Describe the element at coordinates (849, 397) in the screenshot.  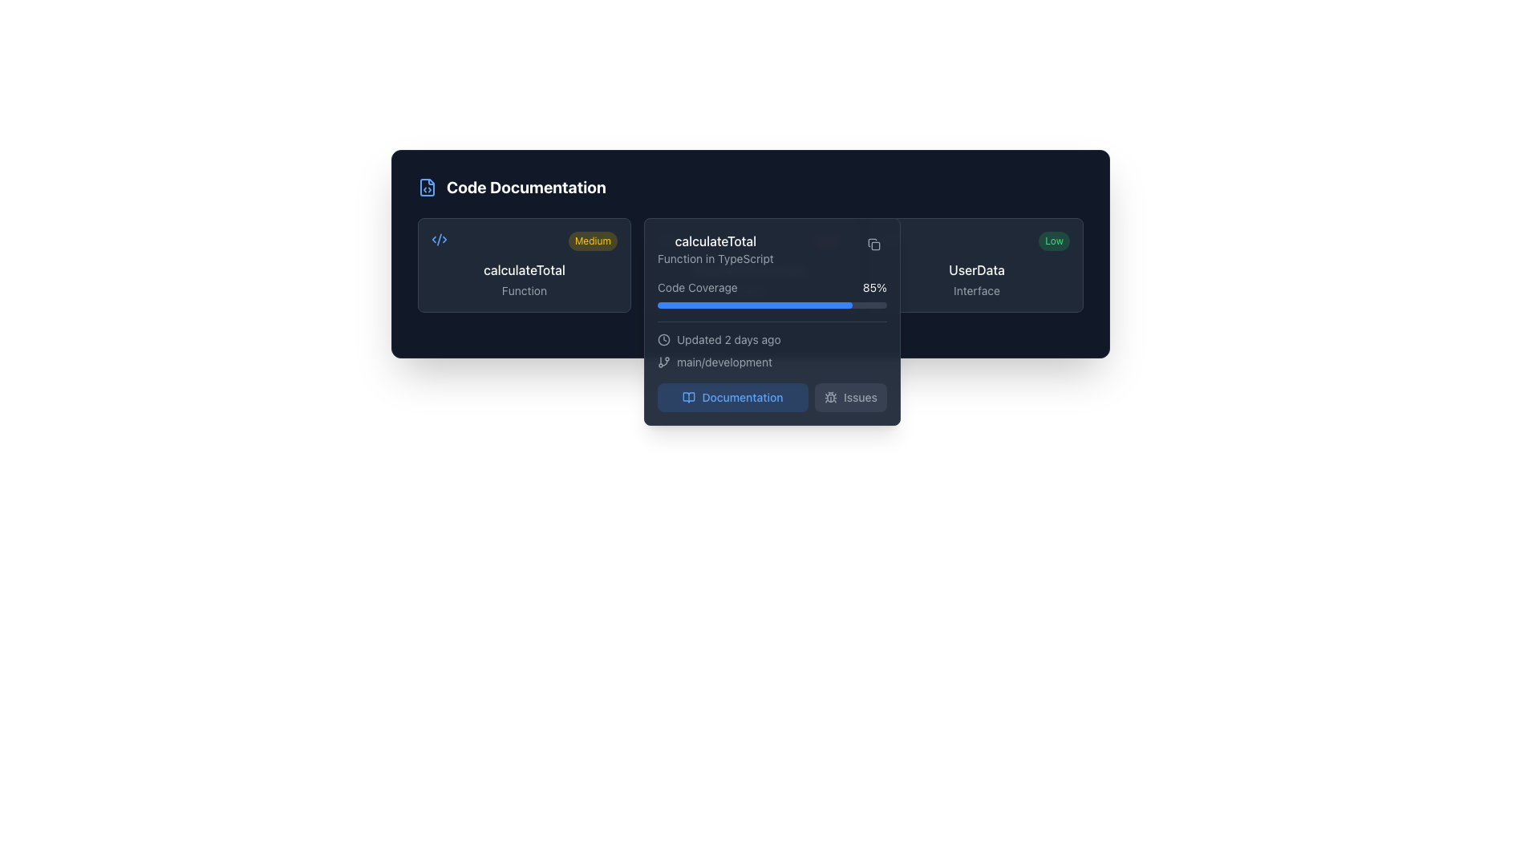
I see `the button on the right side of the row, which is labeled as the second button` at that location.